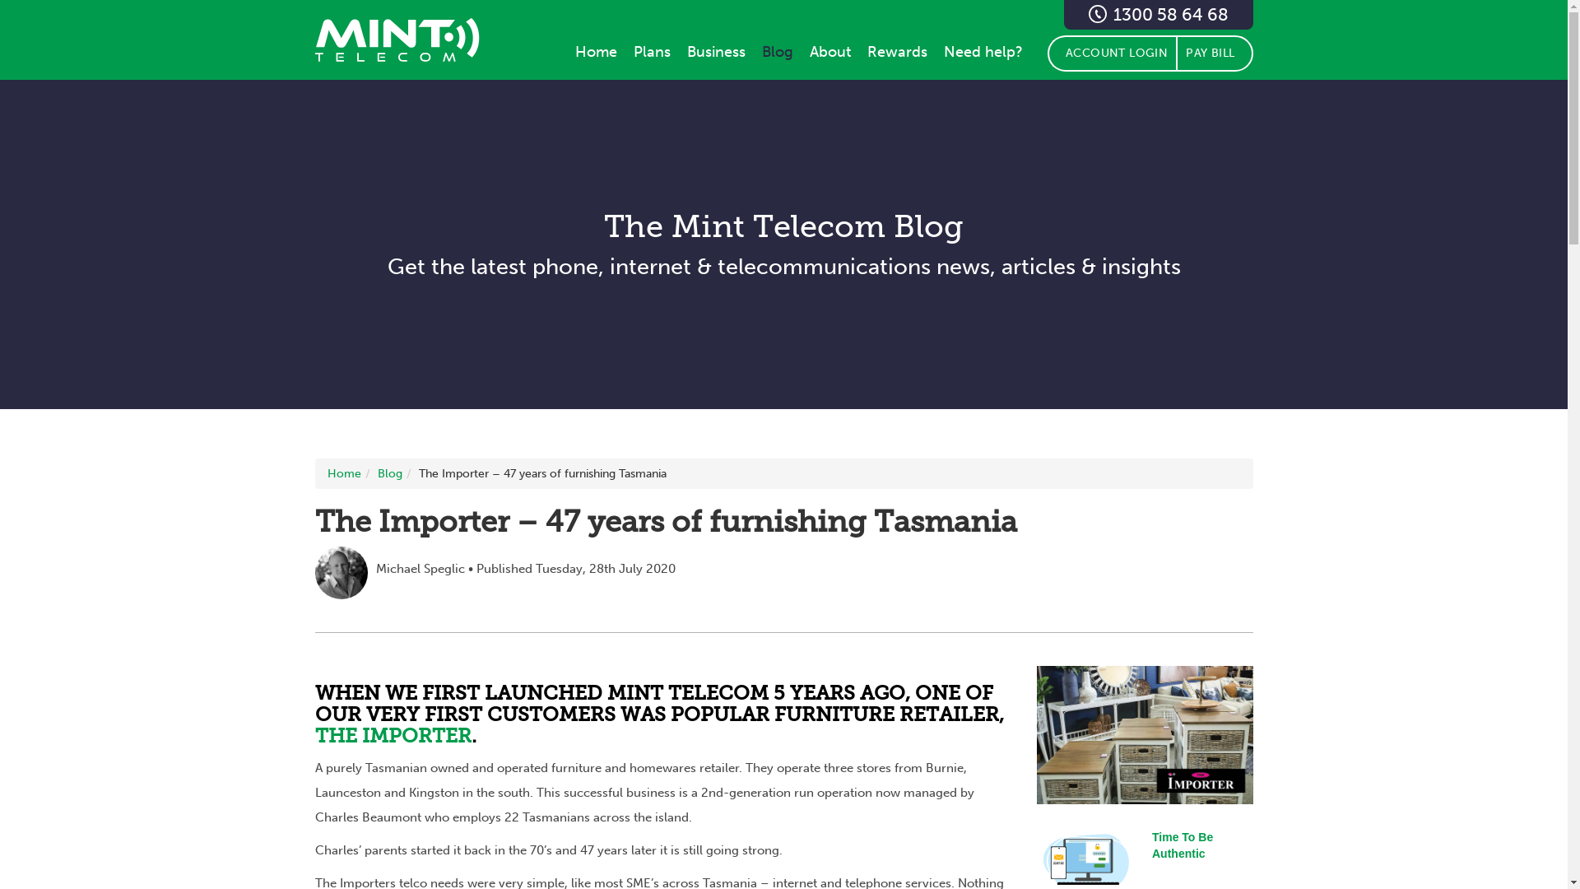 The image size is (1580, 889). Describe the element at coordinates (391, 734) in the screenshot. I see `'THE IMPORTER'` at that location.